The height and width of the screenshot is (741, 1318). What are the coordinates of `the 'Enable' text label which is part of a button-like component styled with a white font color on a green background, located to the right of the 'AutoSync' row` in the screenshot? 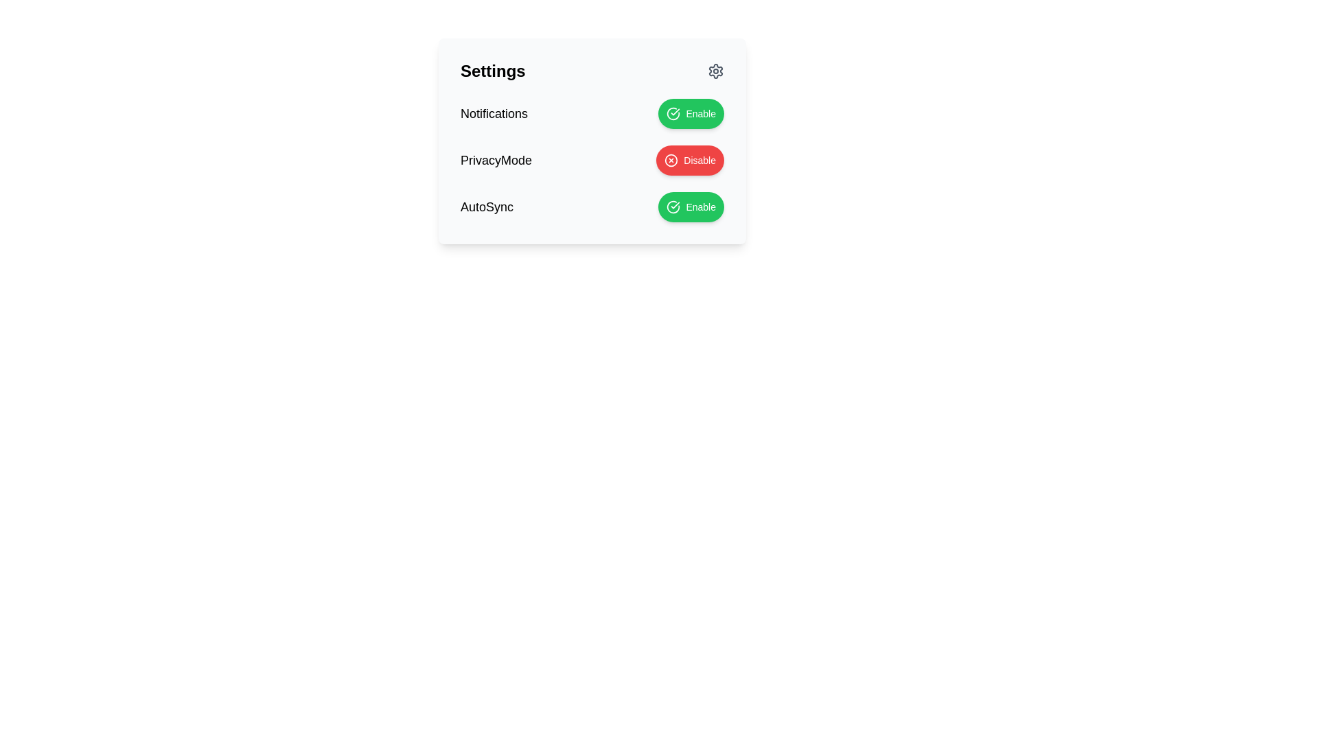 It's located at (701, 207).